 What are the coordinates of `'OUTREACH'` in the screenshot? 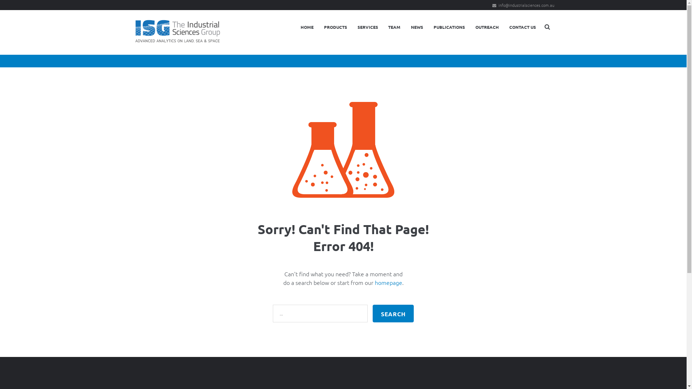 It's located at (487, 27).